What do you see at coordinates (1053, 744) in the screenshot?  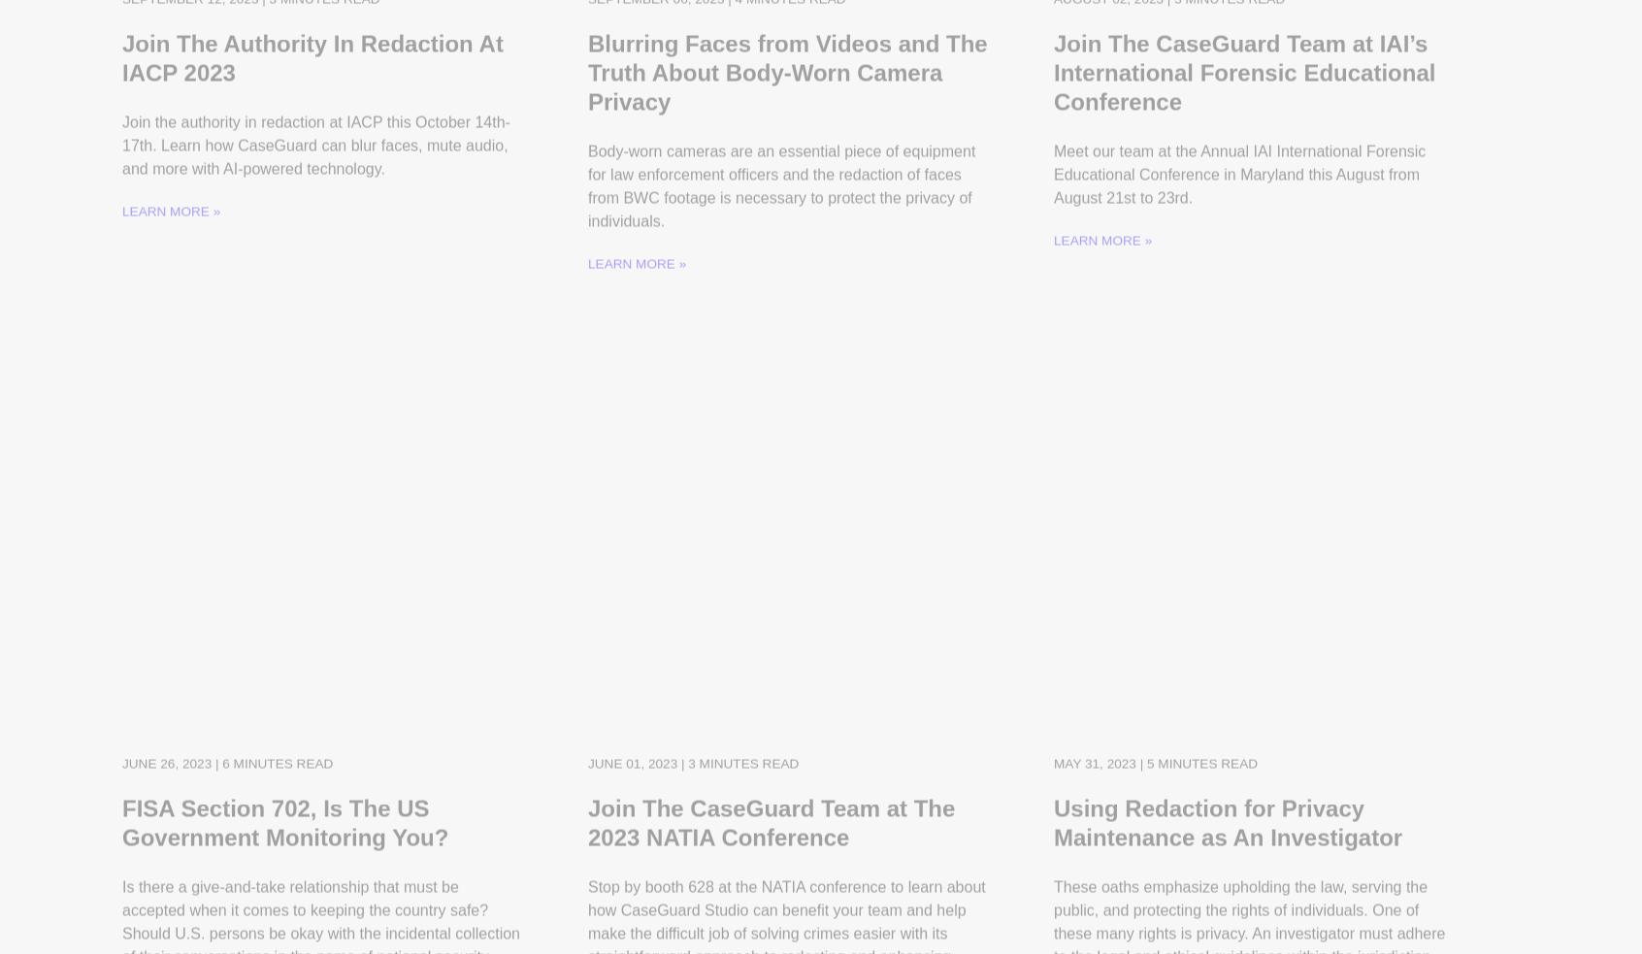 I see `'May 31, 2023 | 5 minutes read'` at bounding box center [1053, 744].